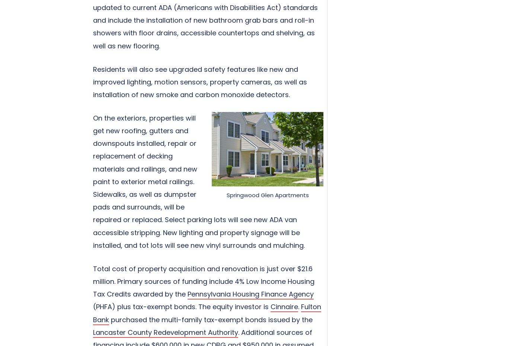 The image size is (521, 346). Describe the element at coordinates (204, 281) in the screenshot. I see `'Total cost of property acquisition and renovation is just over $21.6 million. Primary sources of funding include 4% Low Income Housing Tax Credits awarded by the'` at that location.